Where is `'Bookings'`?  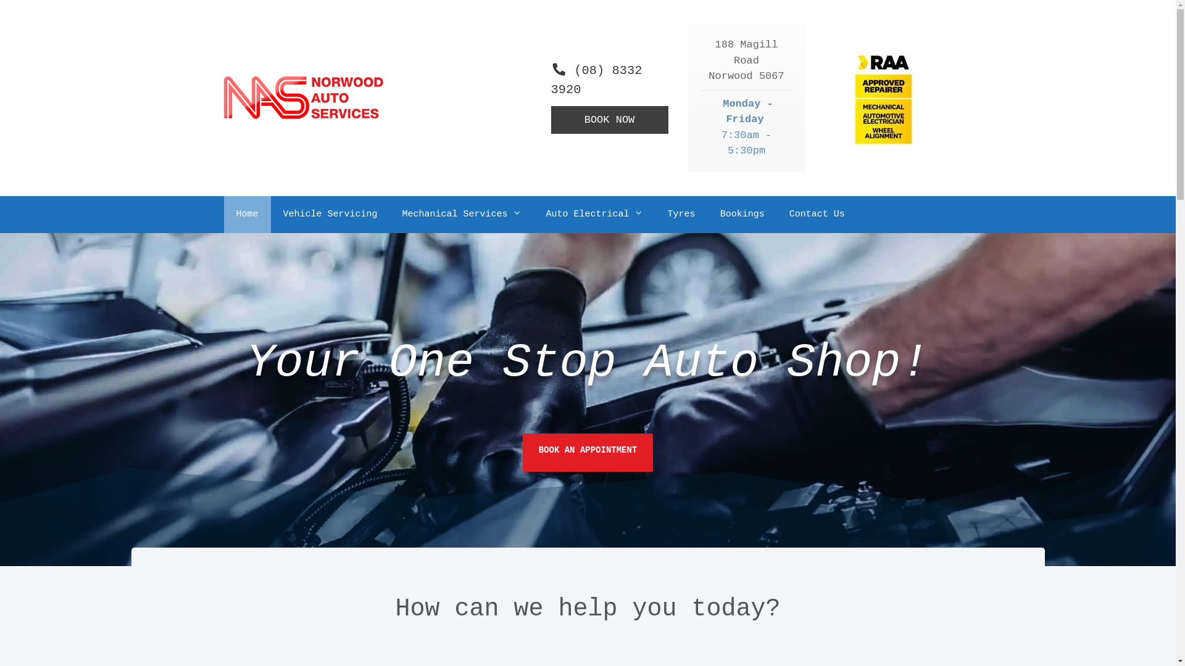
'Bookings' is located at coordinates (742, 213).